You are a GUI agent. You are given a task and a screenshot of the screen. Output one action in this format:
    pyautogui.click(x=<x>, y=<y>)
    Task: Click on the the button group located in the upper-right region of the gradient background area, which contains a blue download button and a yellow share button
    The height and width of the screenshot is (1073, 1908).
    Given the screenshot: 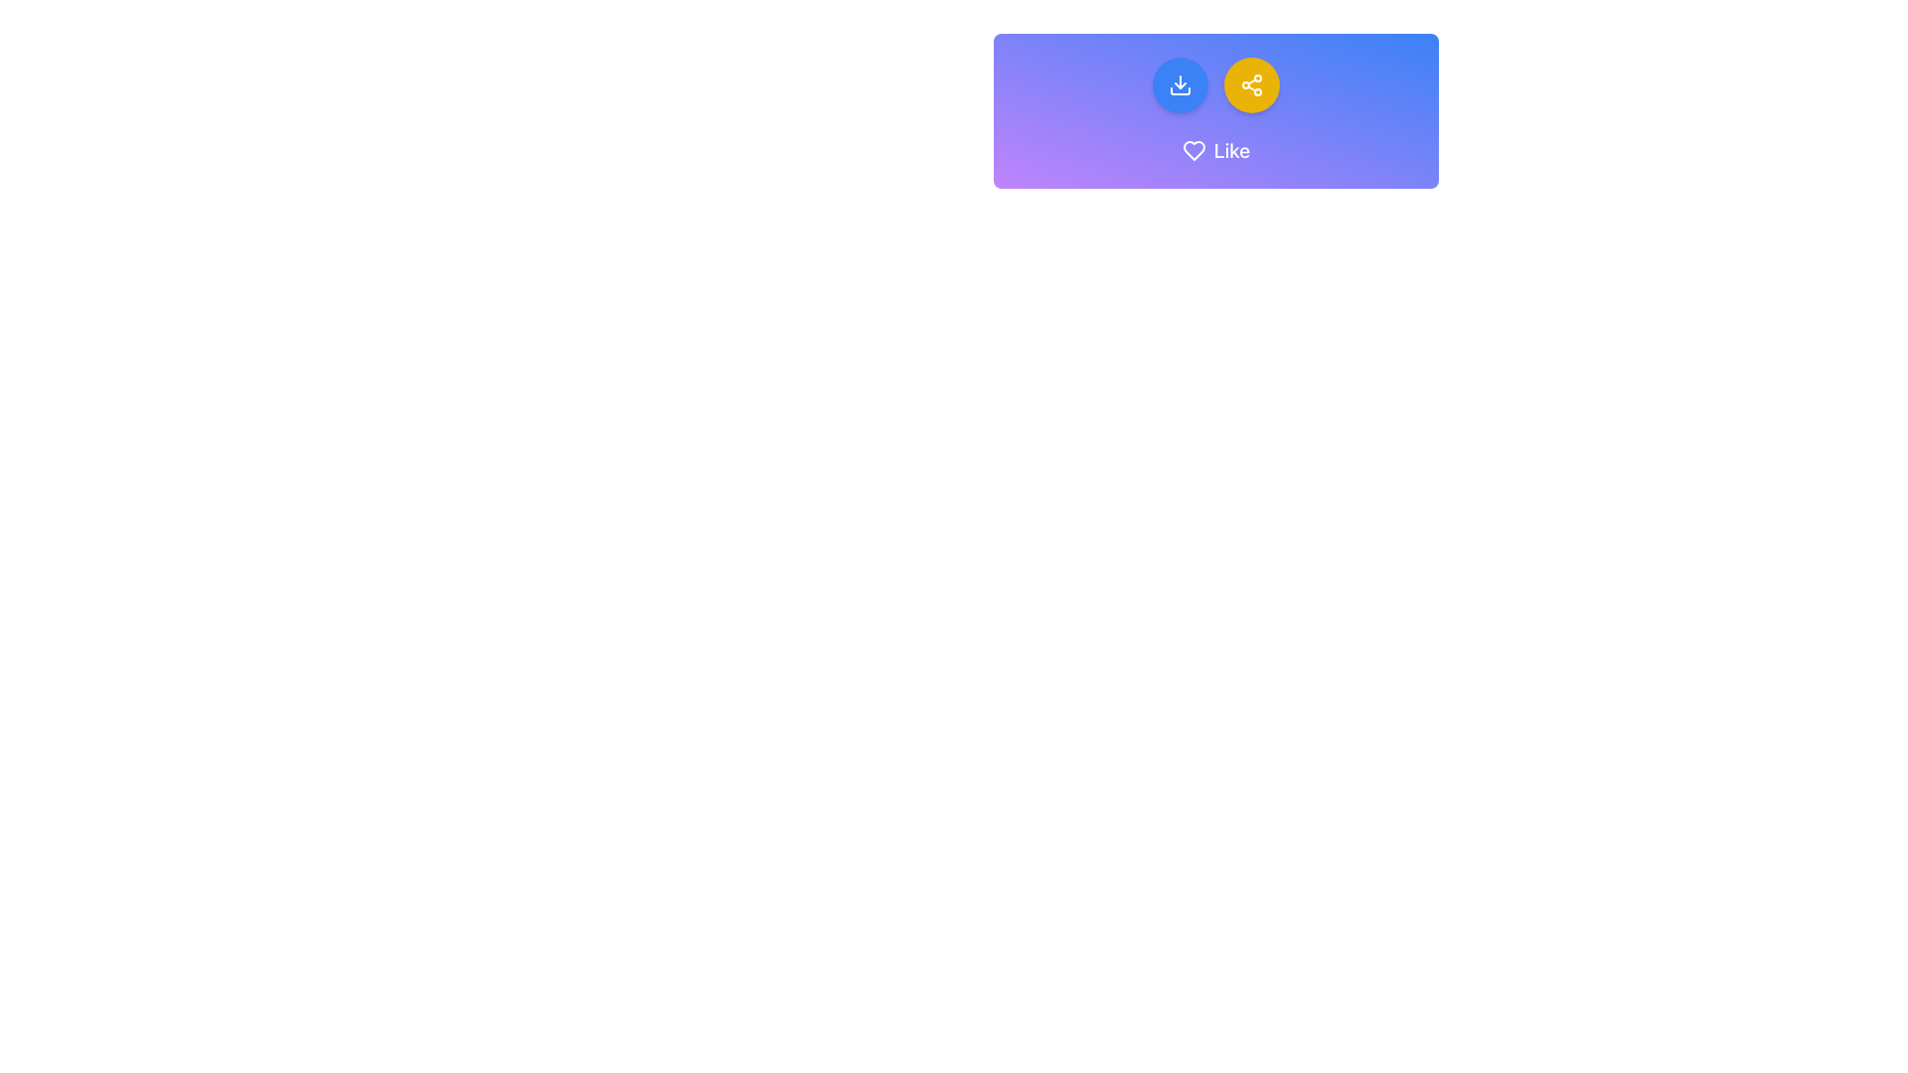 What is the action you would take?
    pyautogui.click(x=1215, y=83)
    